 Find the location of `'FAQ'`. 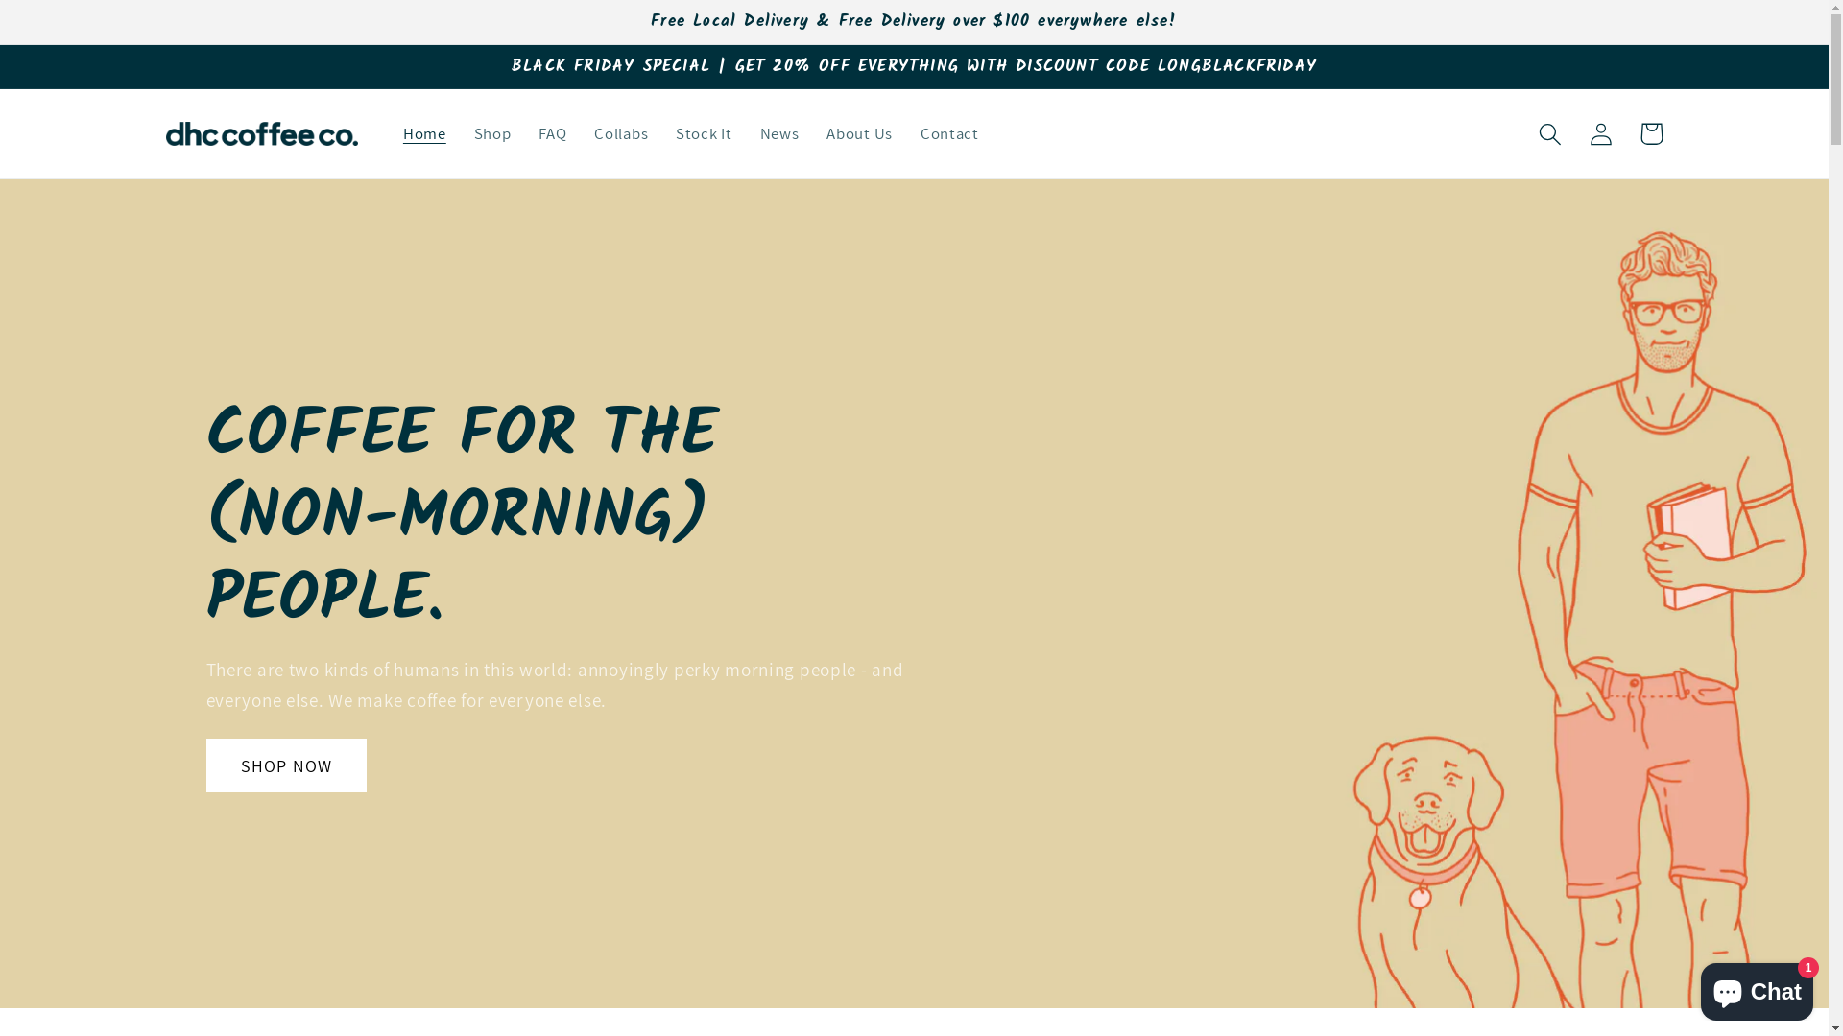

'FAQ' is located at coordinates (552, 132).